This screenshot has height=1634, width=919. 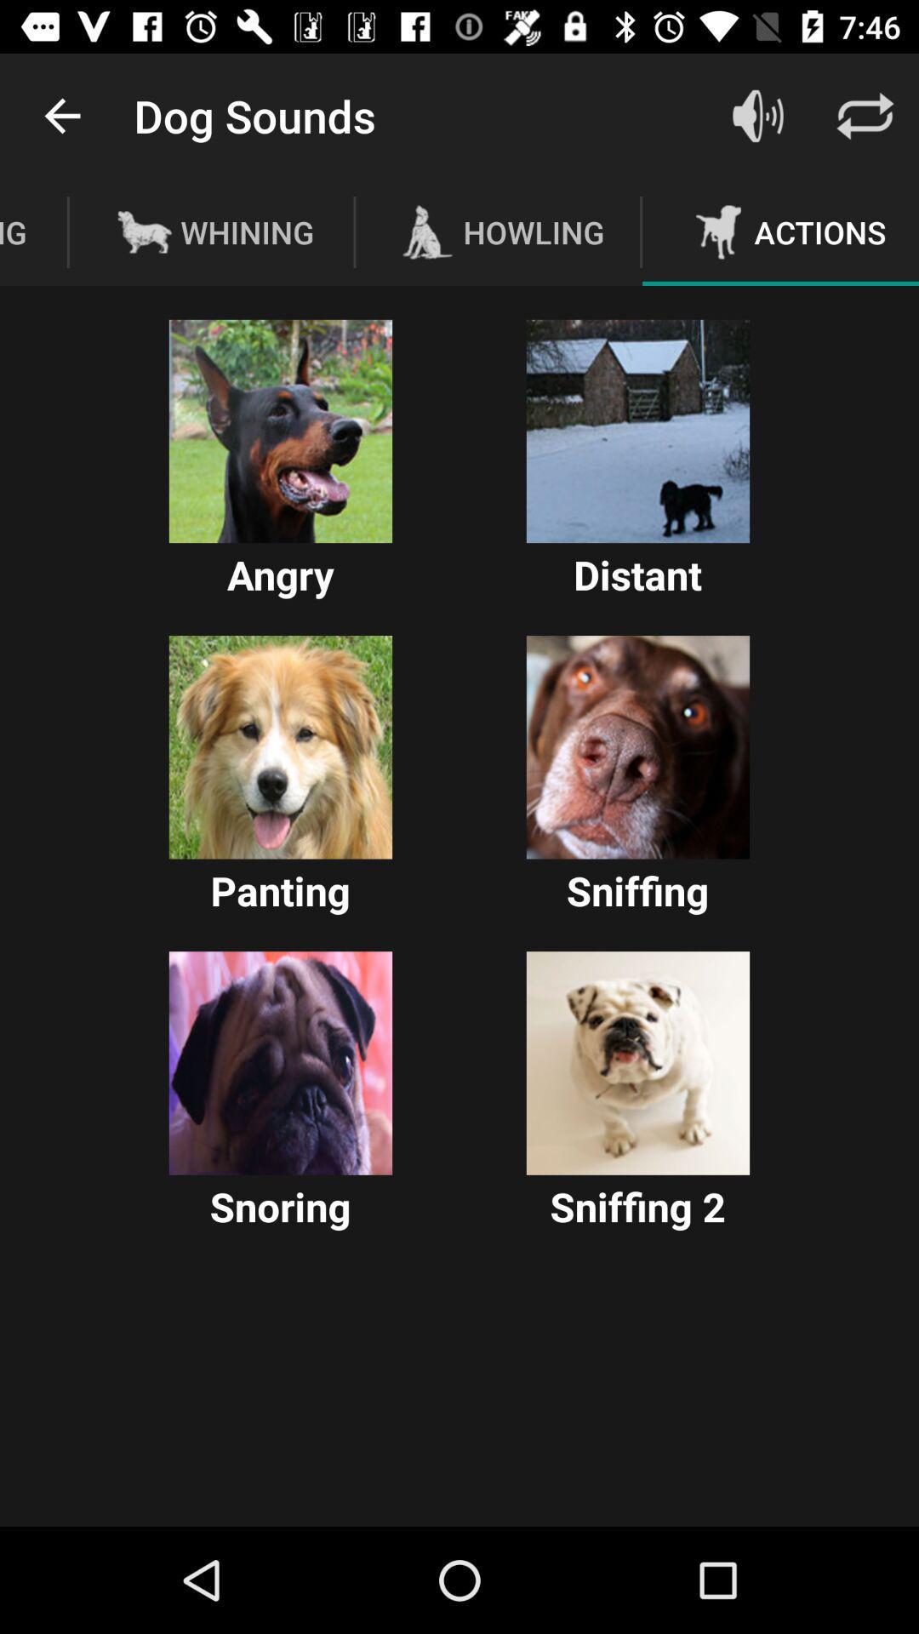 What do you see at coordinates (757, 116) in the screenshot?
I see `the sound icon beside text dog sounds` at bounding box center [757, 116].